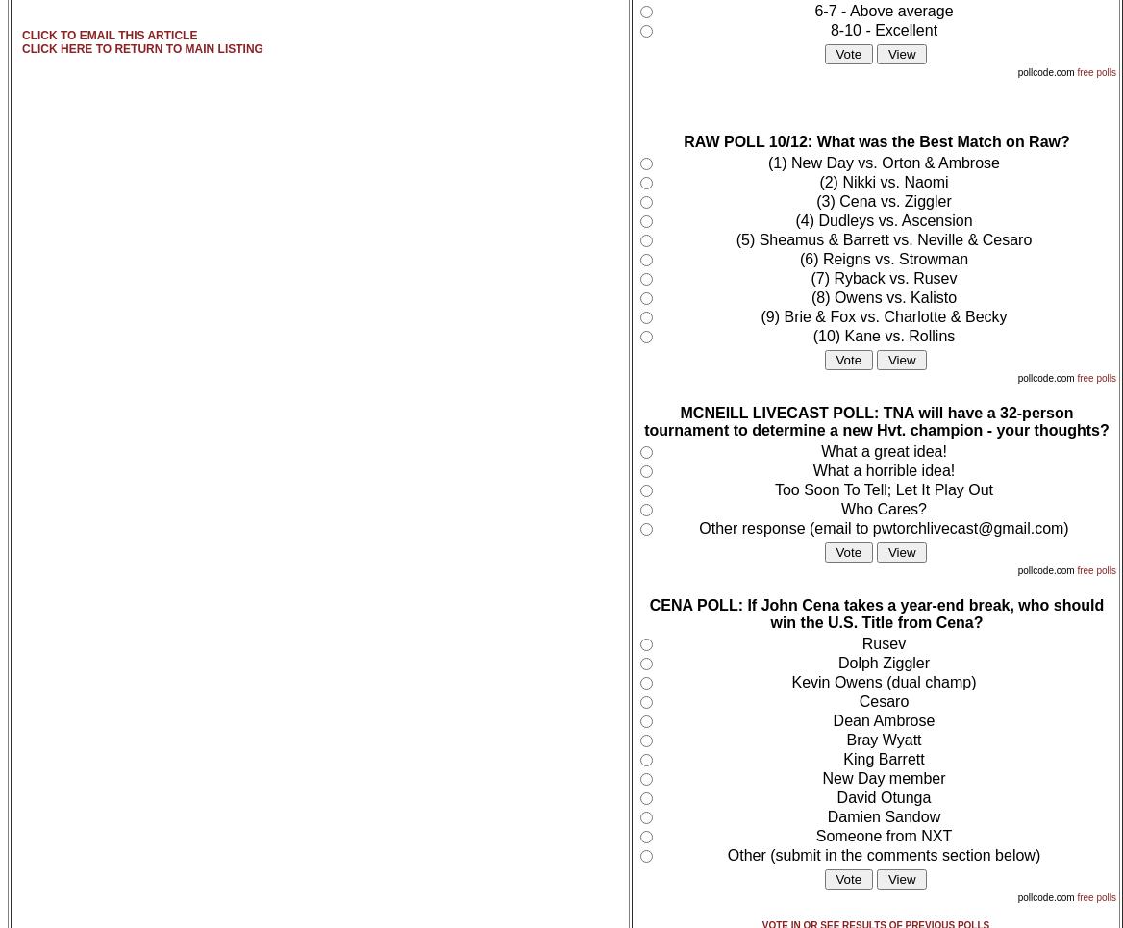 This screenshot has width=1123, height=928. Describe the element at coordinates (883, 162) in the screenshot. I see `'(1) New Day vs. Orton & Ambrose'` at that location.